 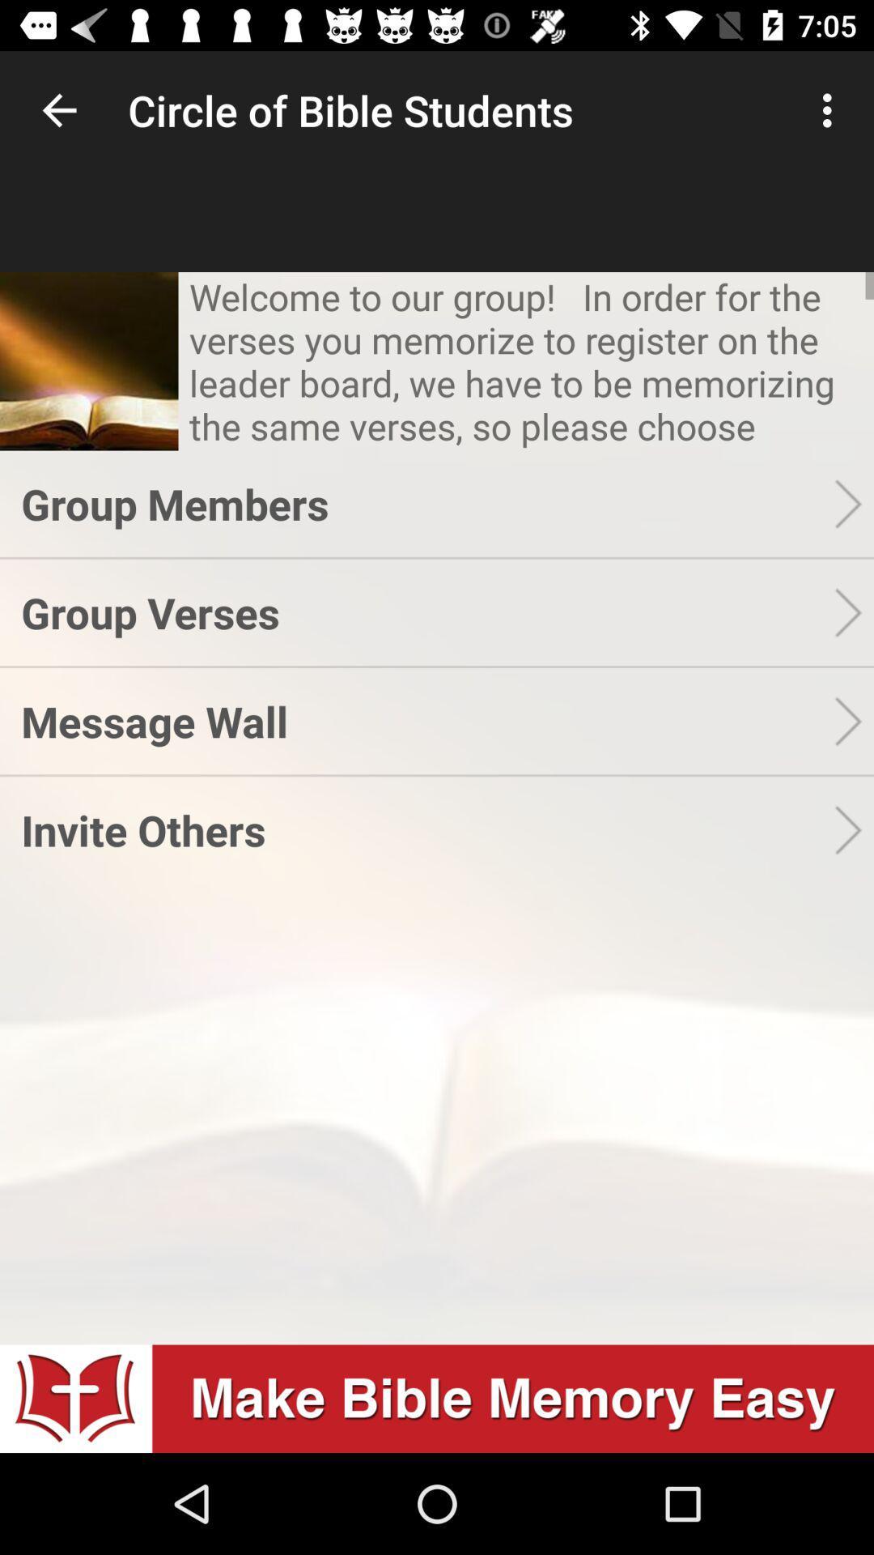 What do you see at coordinates (426, 829) in the screenshot?
I see `the invite others icon` at bounding box center [426, 829].